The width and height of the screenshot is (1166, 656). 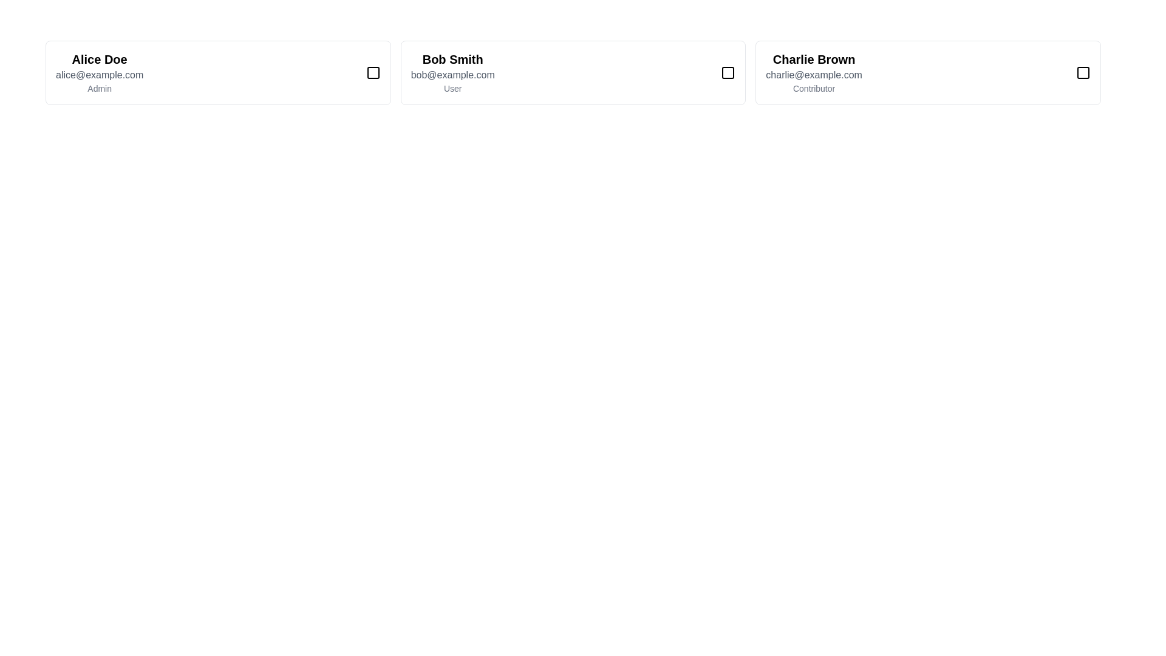 I want to click on the Text Display Block that shows the user's name, email, and role, which is the first block in the horizontally-aligned group of profile information blocks, so click(x=100, y=72).